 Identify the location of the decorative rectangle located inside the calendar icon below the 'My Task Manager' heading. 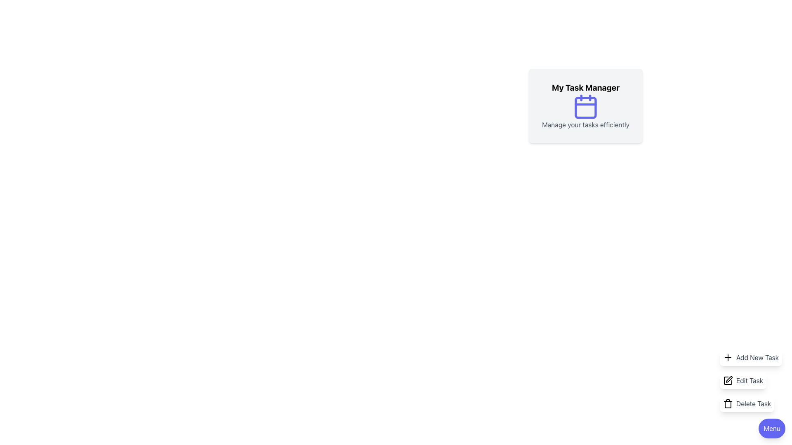
(585, 107).